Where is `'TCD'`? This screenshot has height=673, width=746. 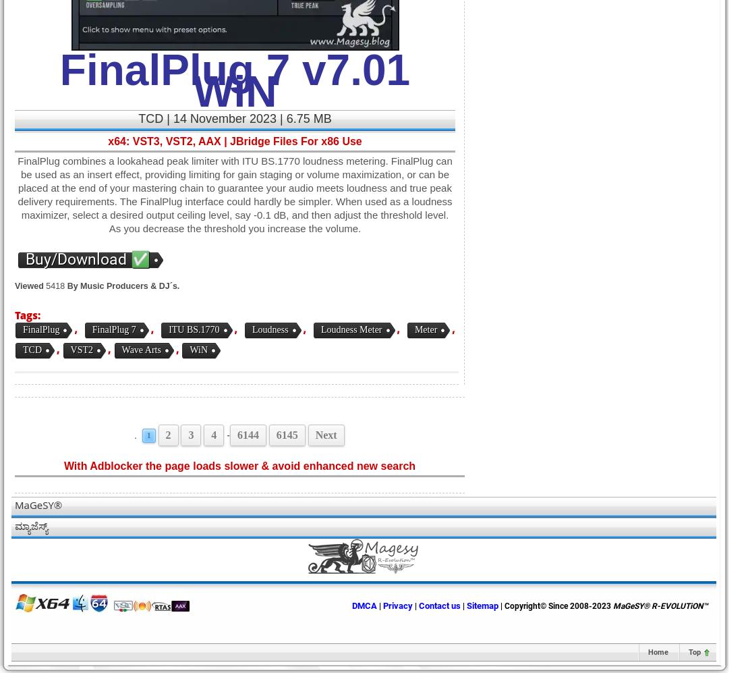 'TCD' is located at coordinates (32, 349).